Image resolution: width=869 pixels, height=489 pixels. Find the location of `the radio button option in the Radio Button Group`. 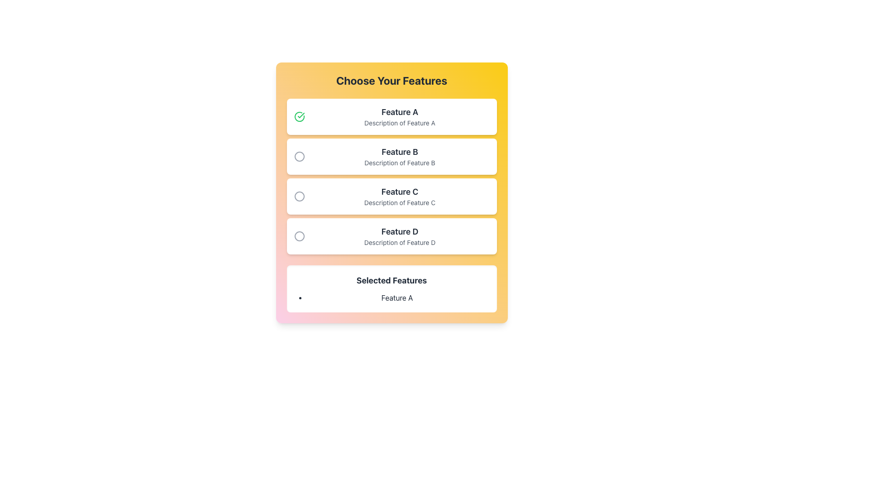

the radio button option in the Radio Button Group is located at coordinates (392, 176).